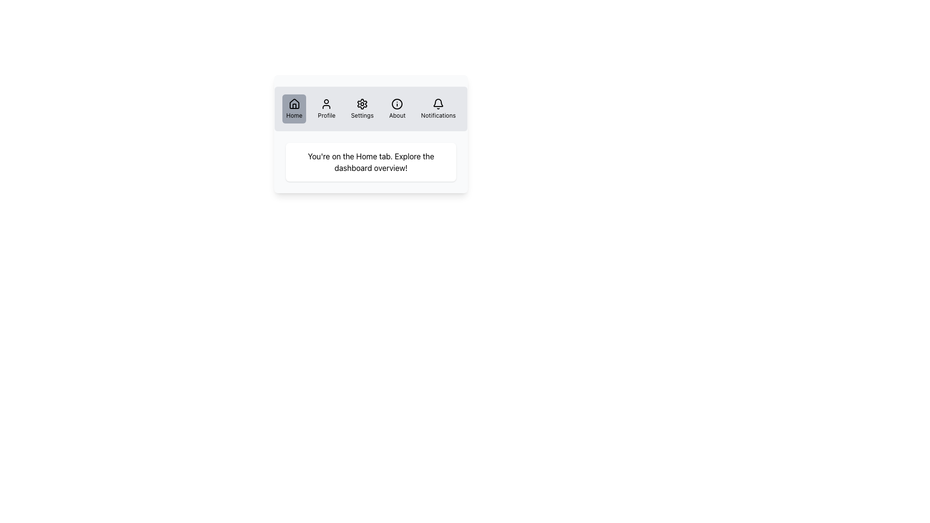 The height and width of the screenshot is (523, 930). Describe the element at coordinates (294, 108) in the screenshot. I see `the 'Home' button located at the top-left of the navigation bar` at that location.